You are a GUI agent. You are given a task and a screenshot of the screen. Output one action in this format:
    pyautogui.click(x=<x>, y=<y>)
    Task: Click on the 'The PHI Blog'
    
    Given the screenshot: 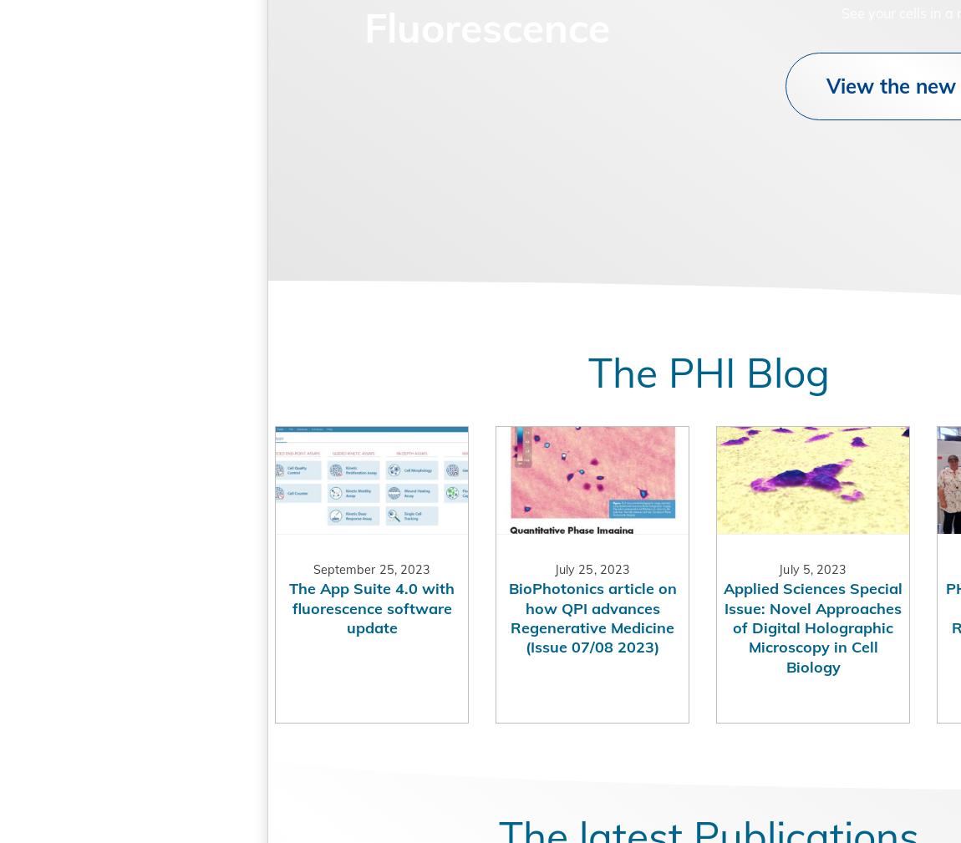 What is the action you would take?
    pyautogui.click(x=613, y=434)
    